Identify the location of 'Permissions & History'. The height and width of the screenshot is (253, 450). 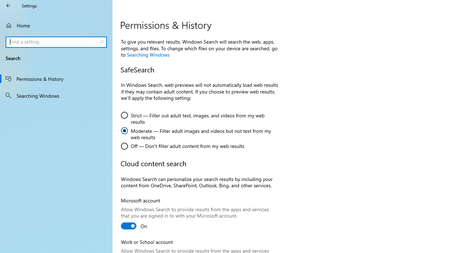
(56, 78).